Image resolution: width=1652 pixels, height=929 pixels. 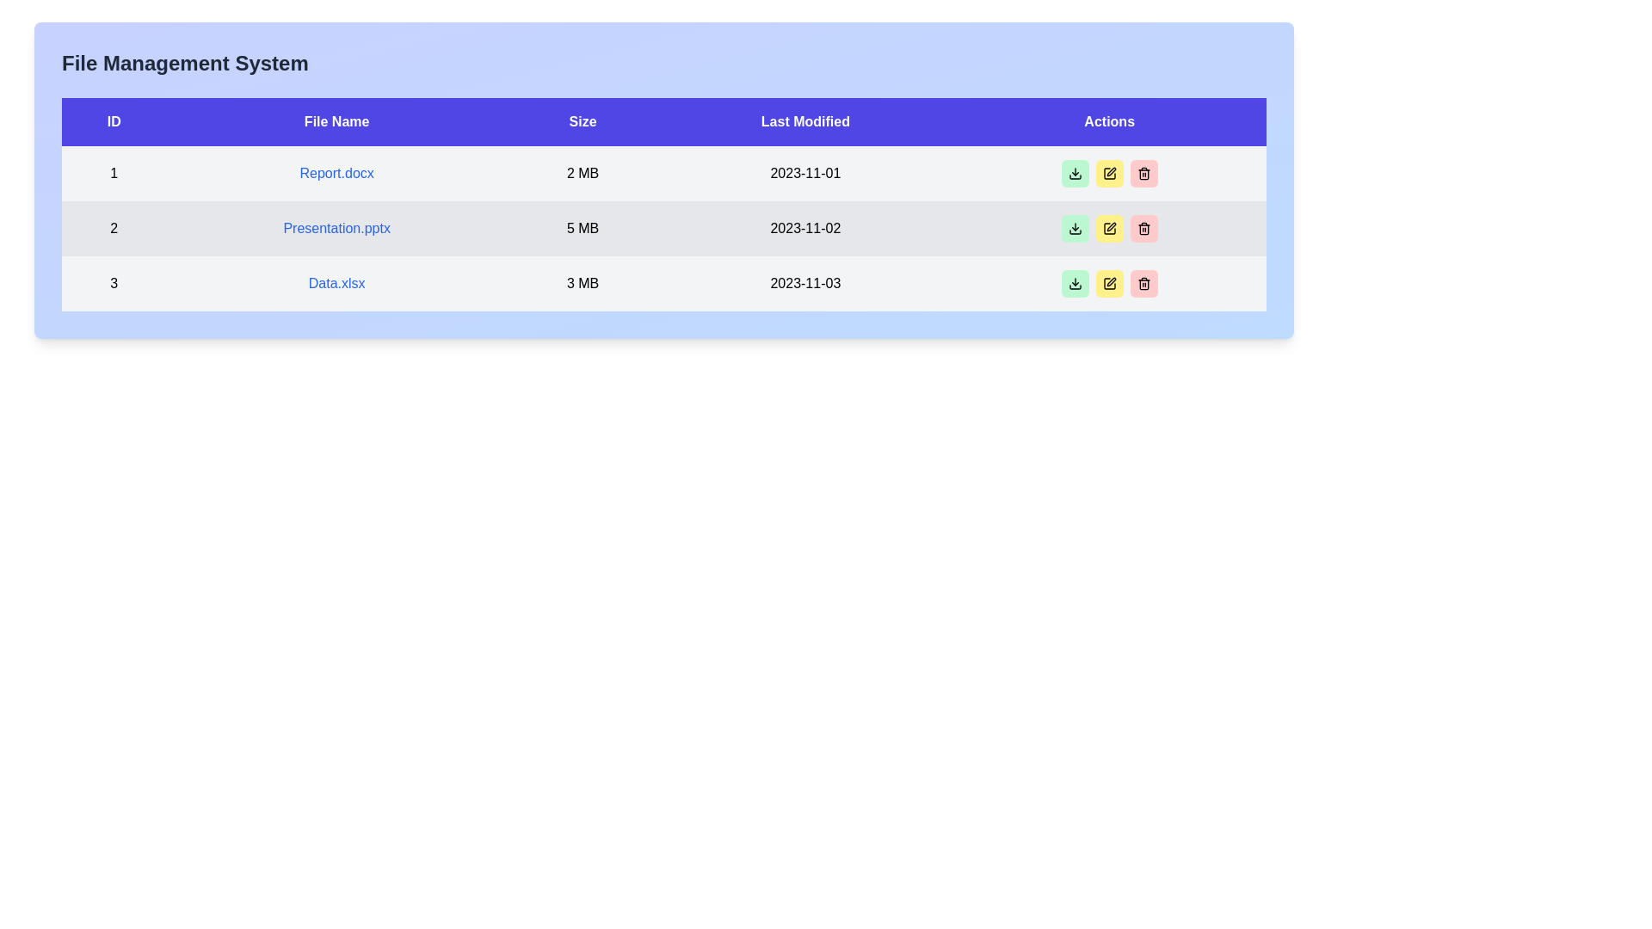 What do you see at coordinates (1143, 283) in the screenshot?
I see `the red, square-shaped button with rounded corners that contains a trash can icon, located in the 'Actions' column of the third row of the table` at bounding box center [1143, 283].